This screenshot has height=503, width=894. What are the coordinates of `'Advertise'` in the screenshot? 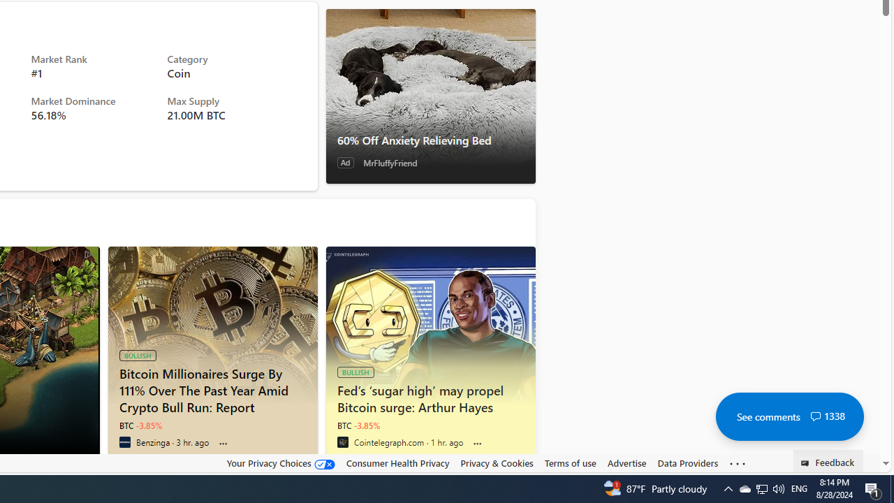 It's located at (626, 463).